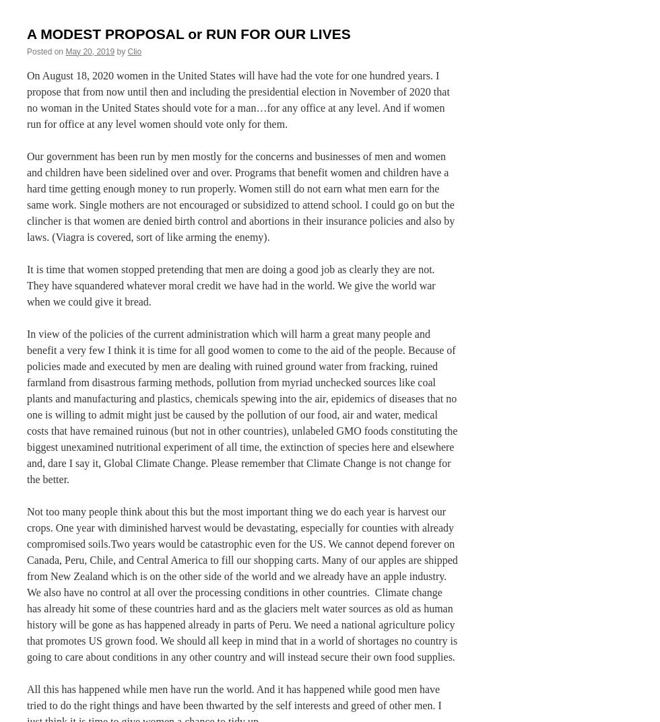  I want to click on 'May 20, 2019', so click(90, 50).